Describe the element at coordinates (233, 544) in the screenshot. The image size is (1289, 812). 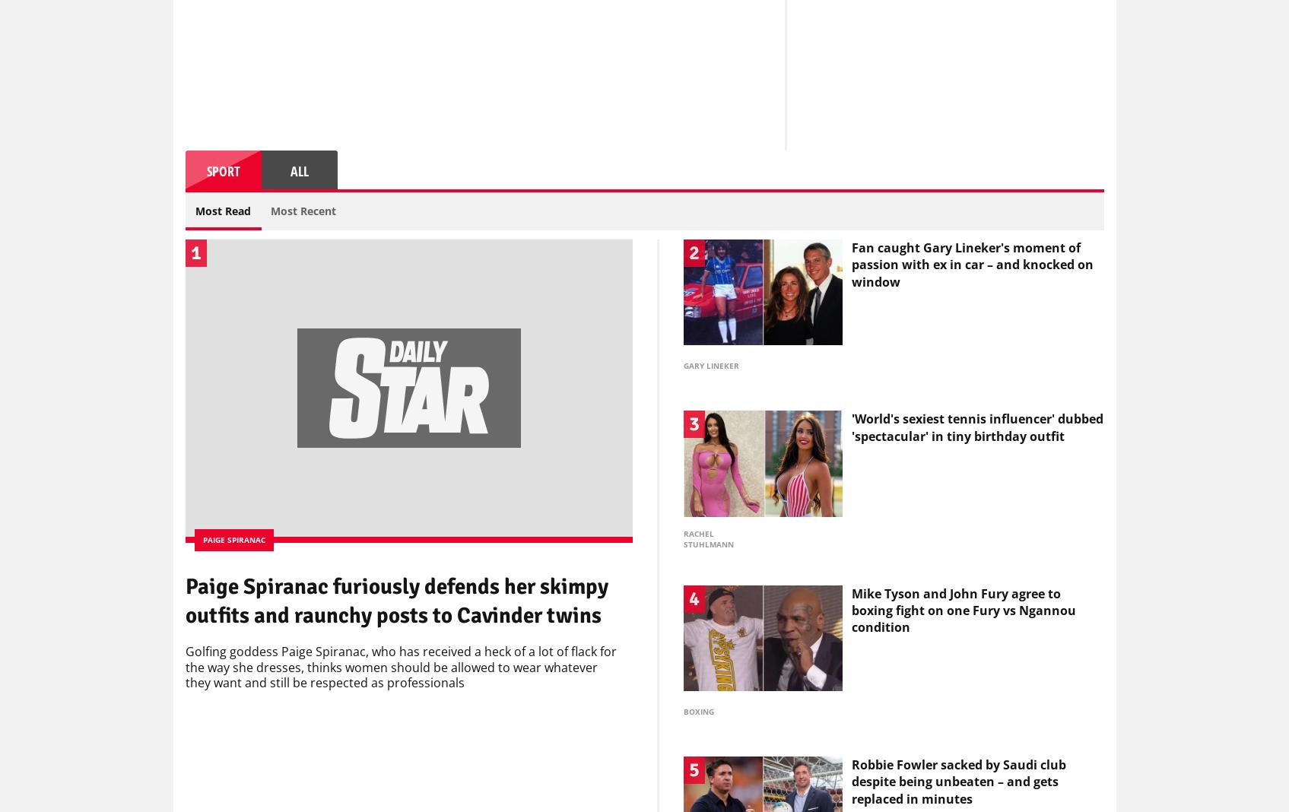
I see `'Paige Spiranac'` at that location.